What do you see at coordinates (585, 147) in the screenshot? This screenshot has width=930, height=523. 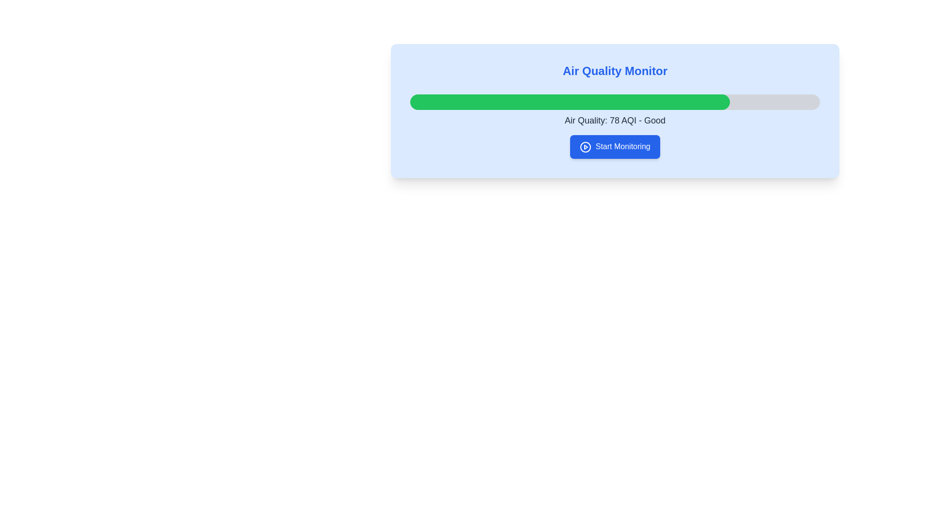 I see `the play icon, which is a circle with a triangle inside, styled in a white outline on a blue background, located to the left of the 'Start Monitoring' button` at bounding box center [585, 147].